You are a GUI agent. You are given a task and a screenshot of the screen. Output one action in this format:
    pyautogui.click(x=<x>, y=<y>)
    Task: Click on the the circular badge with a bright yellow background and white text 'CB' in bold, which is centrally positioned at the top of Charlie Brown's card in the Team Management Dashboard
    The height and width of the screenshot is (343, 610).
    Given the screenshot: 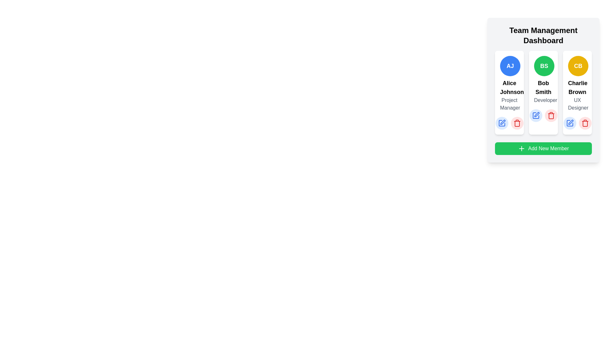 What is the action you would take?
    pyautogui.click(x=578, y=66)
    